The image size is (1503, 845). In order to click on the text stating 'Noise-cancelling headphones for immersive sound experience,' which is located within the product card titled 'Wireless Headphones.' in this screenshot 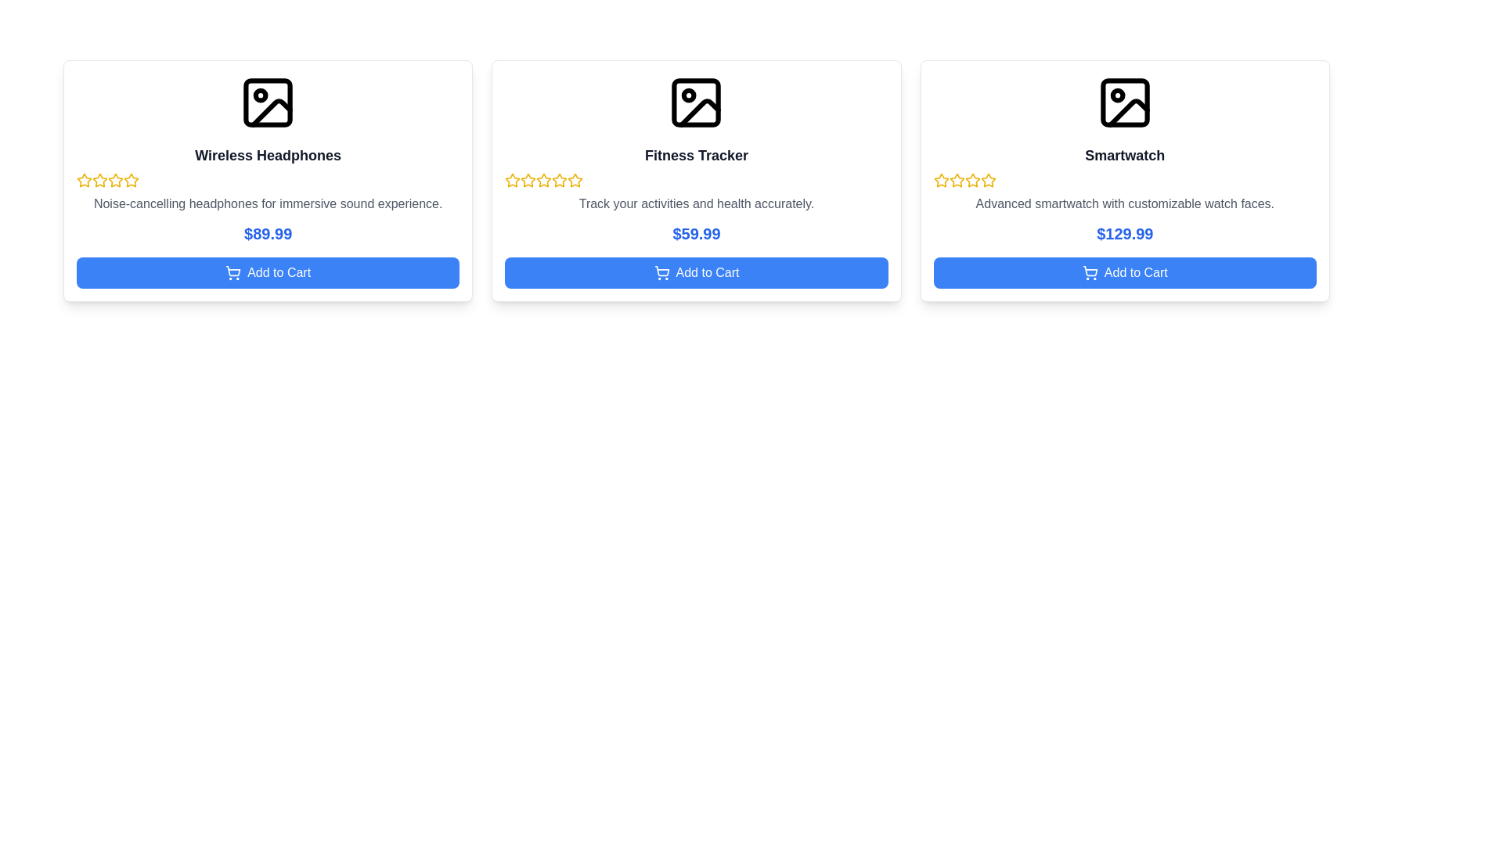, I will do `click(268, 203)`.